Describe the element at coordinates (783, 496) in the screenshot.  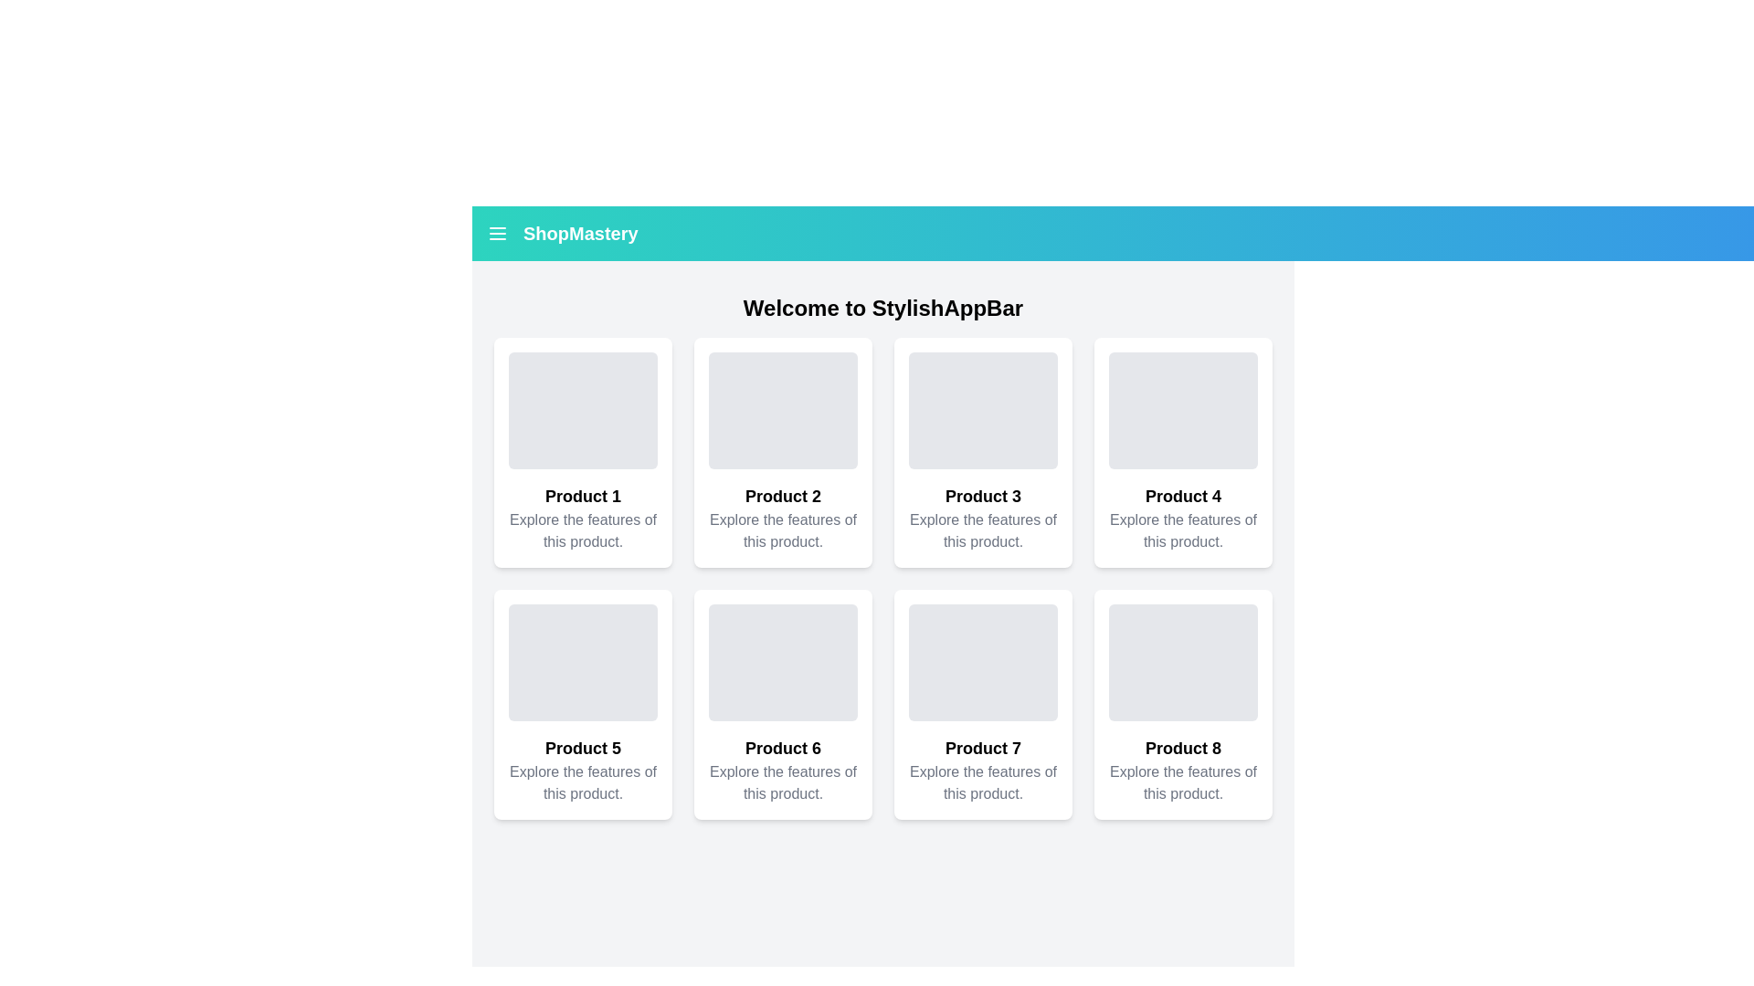
I see `the Text label that serves as a title for the associated product card, located in the second card of the first row, below the gray placeholder area` at that location.